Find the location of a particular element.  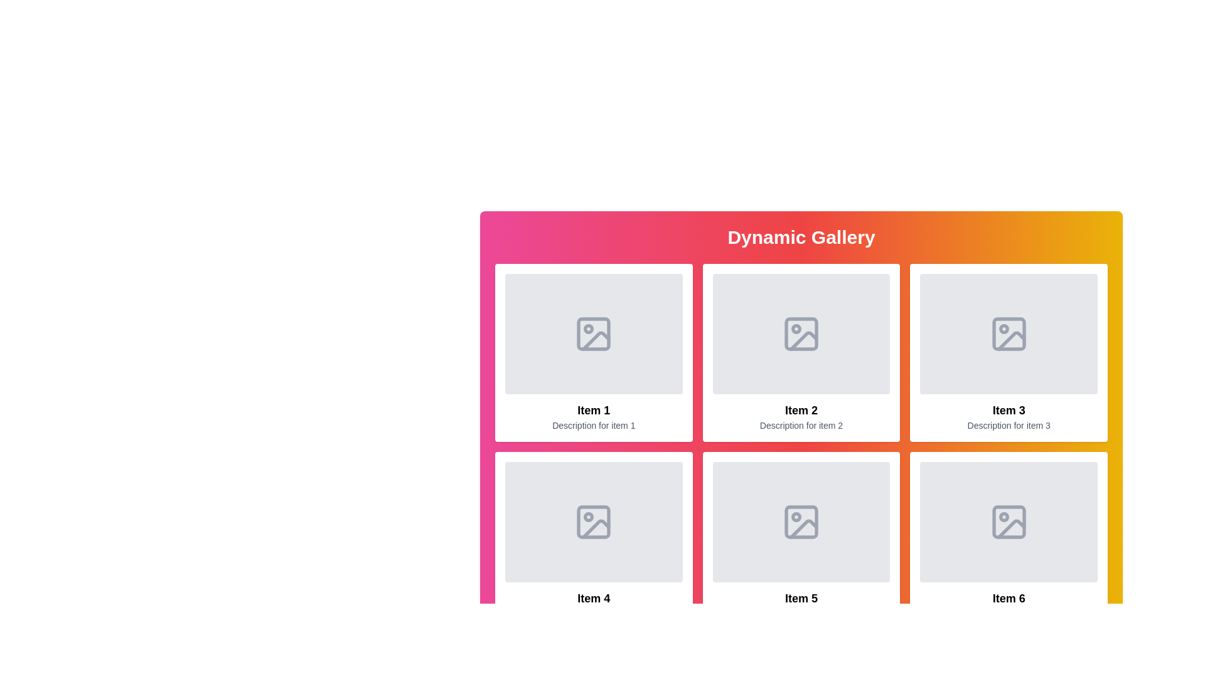

the image placeholder icon located at the center of the third card in the 'Dynamic Gallery' section, which is styled in light gray with rounded corners and a centered circular design is located at coordinates (1009, 333).